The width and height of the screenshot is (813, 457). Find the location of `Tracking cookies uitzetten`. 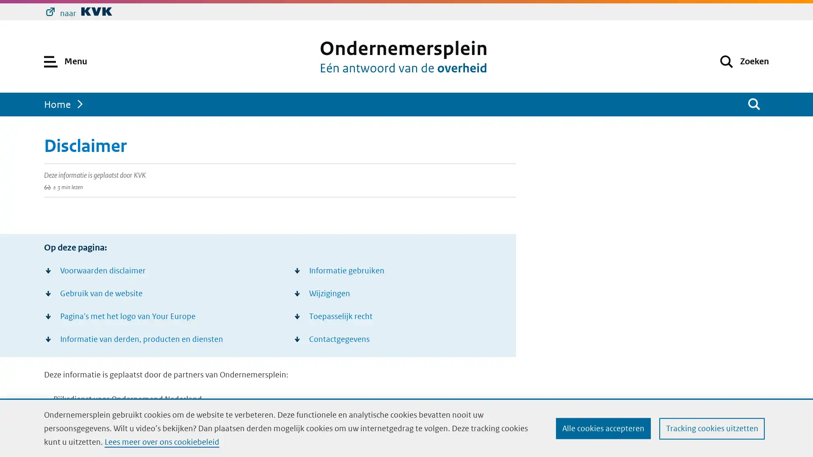

Tracking cookies uitzetten is located at coordinates (711, 428).